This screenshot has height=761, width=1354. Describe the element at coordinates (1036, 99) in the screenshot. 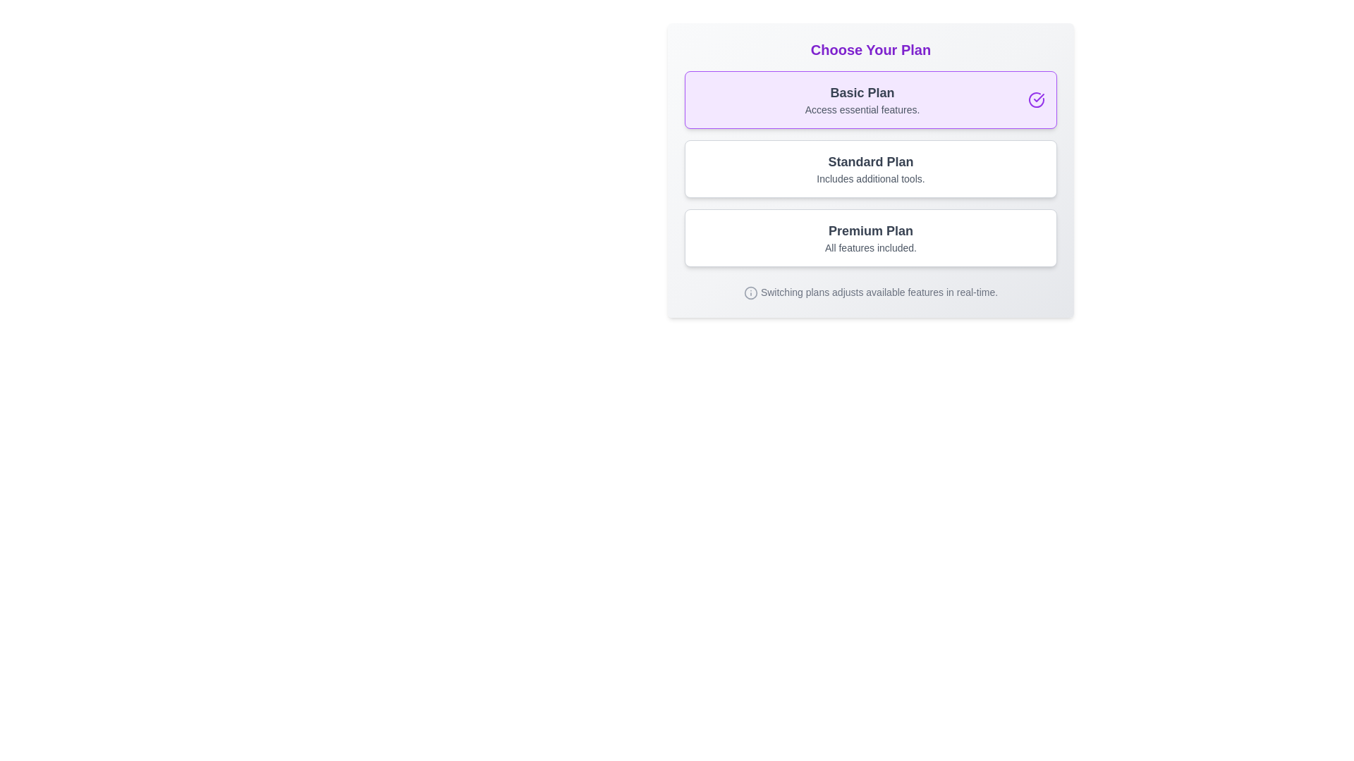

I see `the SVG icon that visually confirms the selection of the 'Basic Plan' option, which is located right-aligned beside the plan's textual description` at that location.